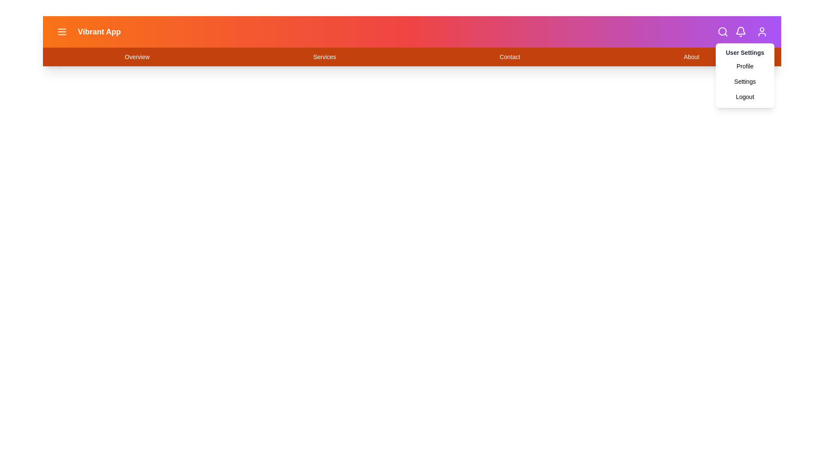 Image resolution: width=817 pixels, height=459 pixels. What do you see at coordinates (324, 57) in the screenshot?
I see `the navigation link labeled Services` at bounding box center [324, 57].